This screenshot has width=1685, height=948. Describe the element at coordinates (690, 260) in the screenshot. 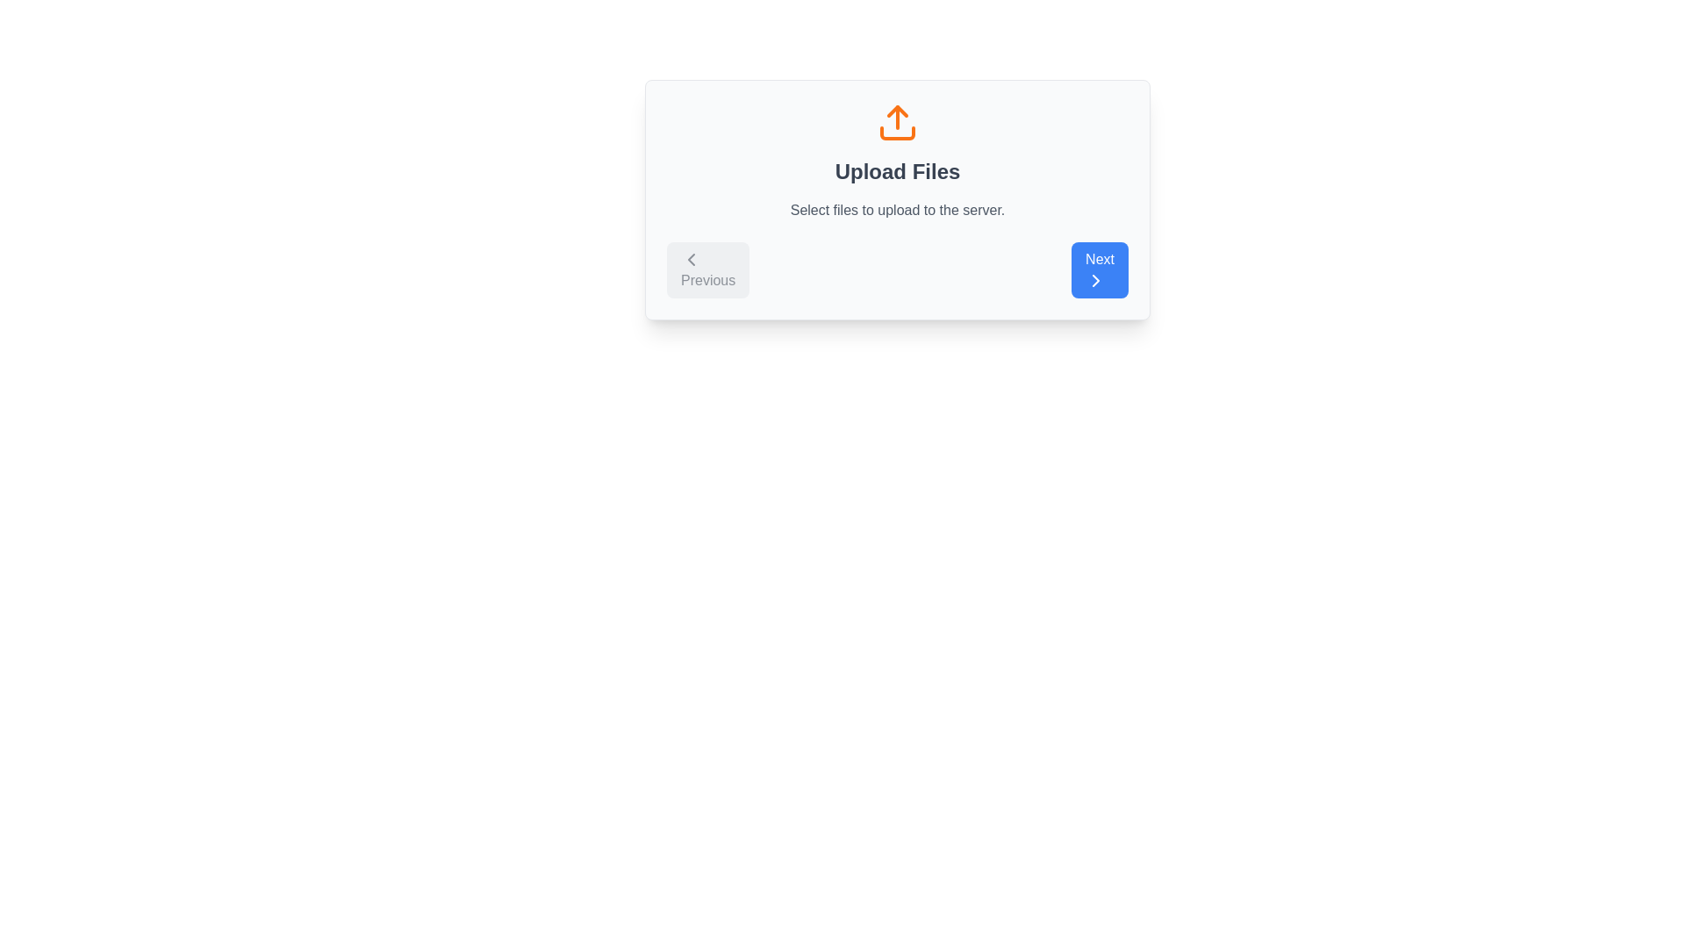

I see `the left arrow icon within the 'Previous' button` at that location.